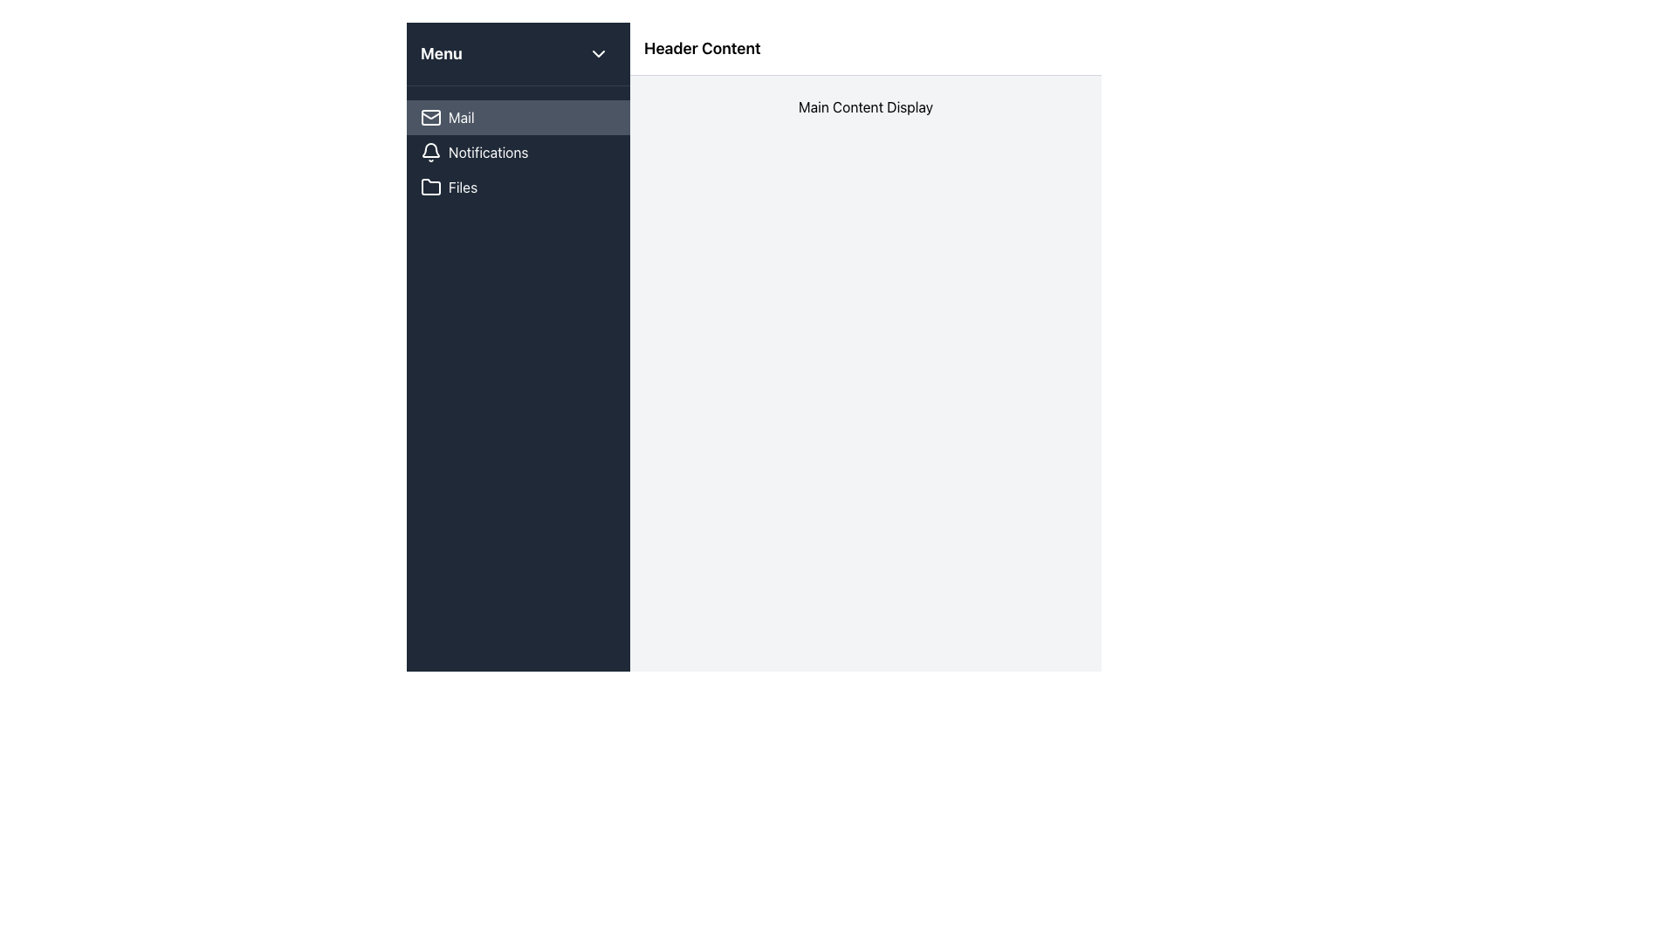  I want to click on text from the 'Header Content' label, which is a bold text label located in the header region of the interface, so click(702, 48).